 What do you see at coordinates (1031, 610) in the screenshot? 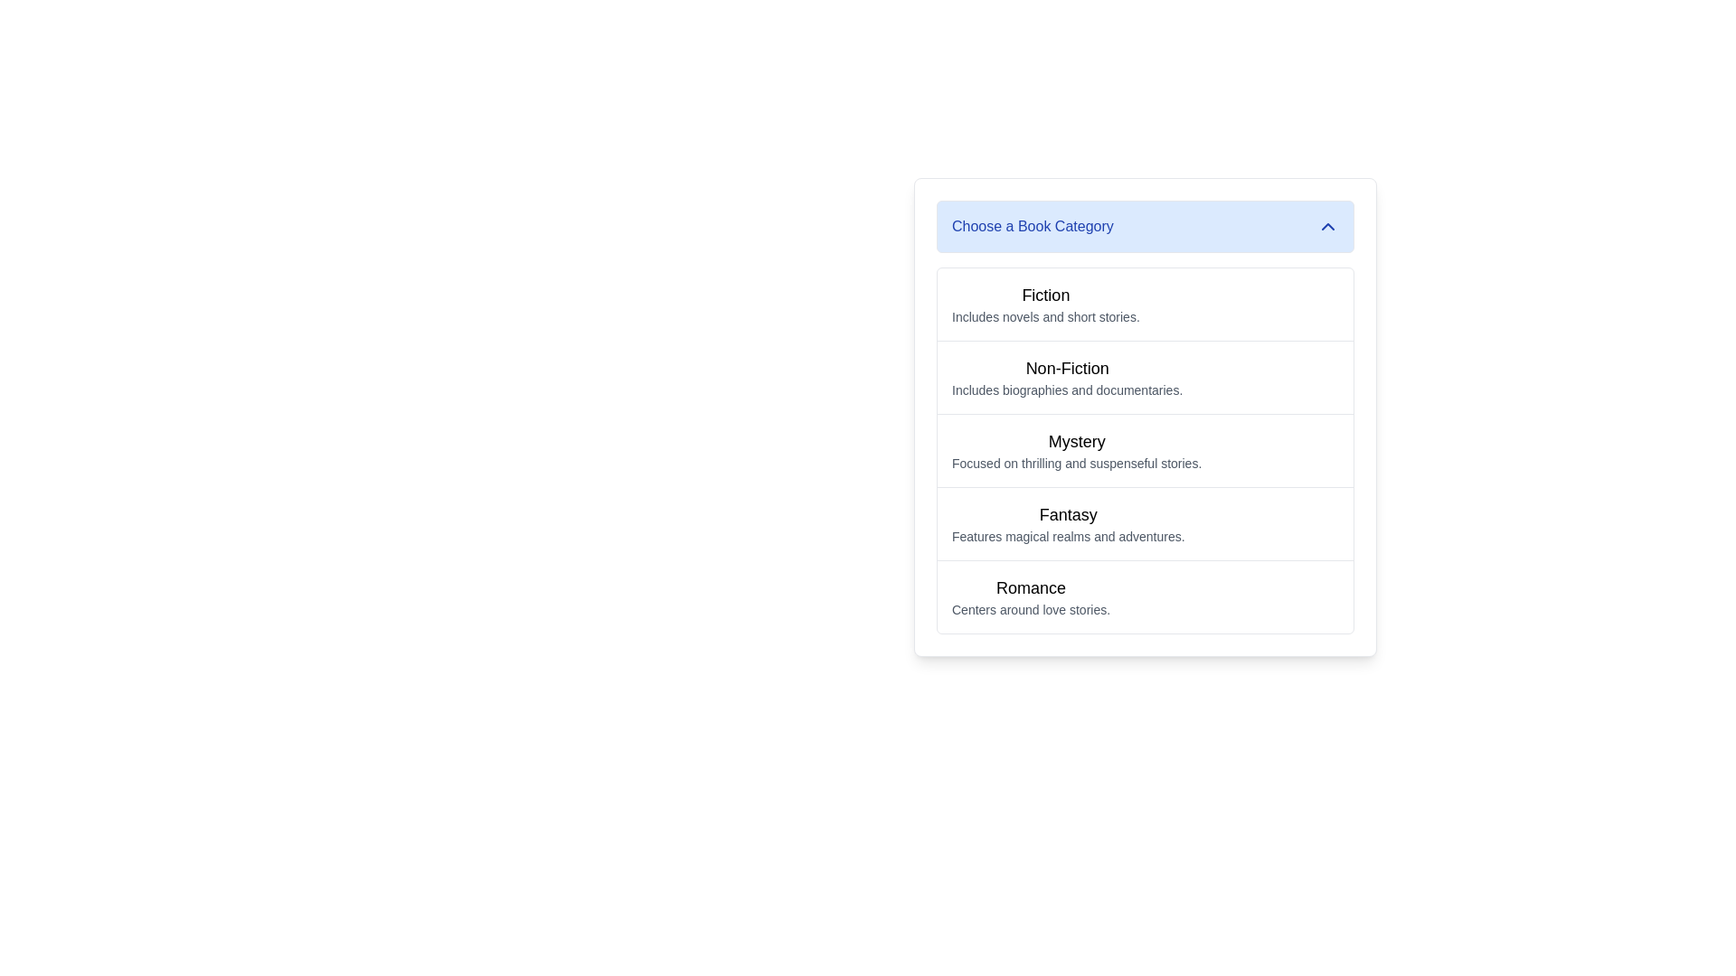
I see `the text label that describes the 'Romance' category, which is positioned directly below the 'Romance' header in the category list` at bounding box center [1031, 610].